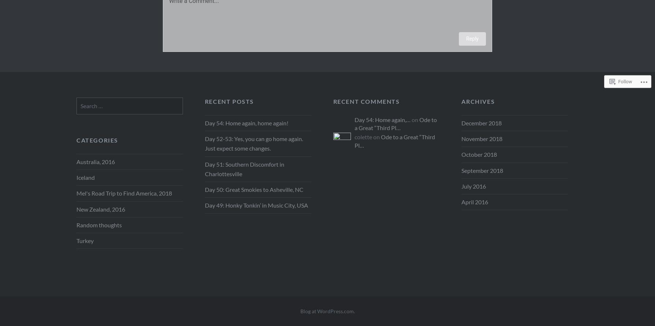 Image resolution: width=655 pixels, height=326 pixels. I want to click on 'Mel's Road Trip to Find America, 2018', so click(76, 193).